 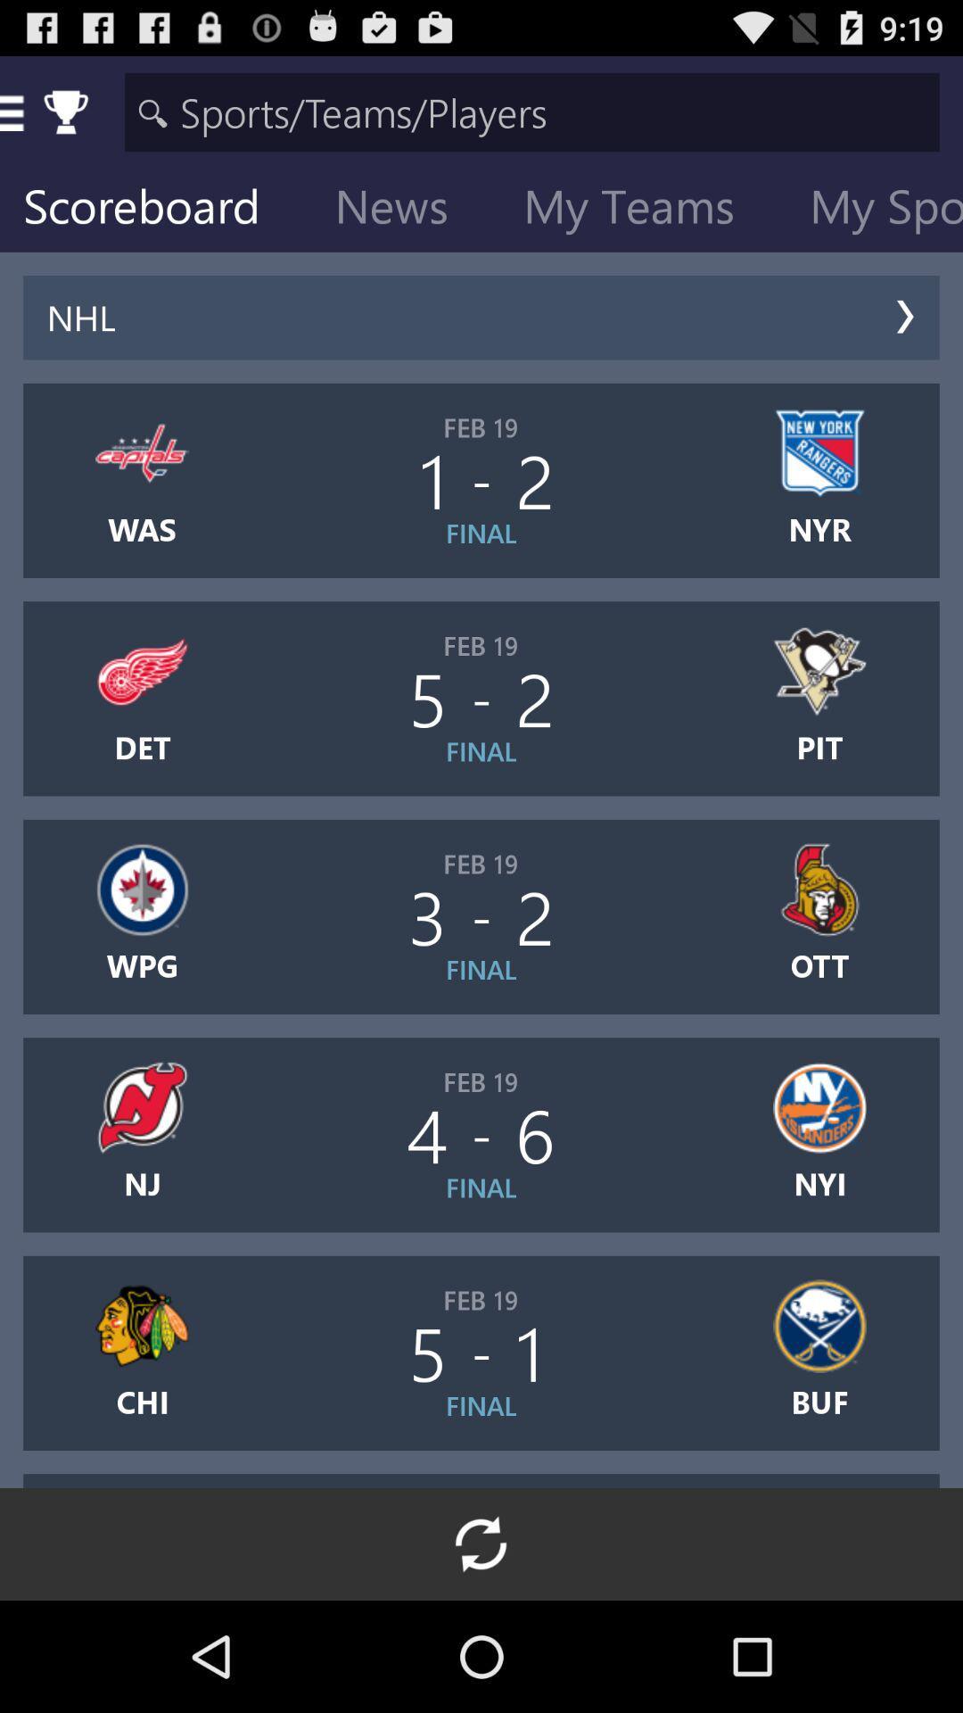 What do you see at coordinates (531, 111) in the screenshot?
I see `to search bar` at bounding box center [531, 111].